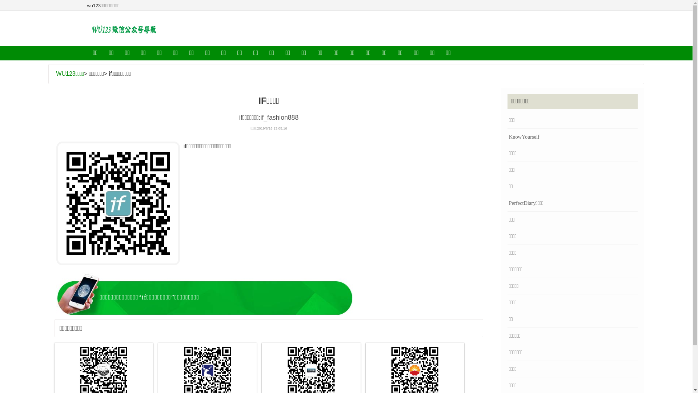 The image size is (698, 393). Describe the element at coordinates (572, 137) in the screenshot. I see `'KnowYourself'` at that location.